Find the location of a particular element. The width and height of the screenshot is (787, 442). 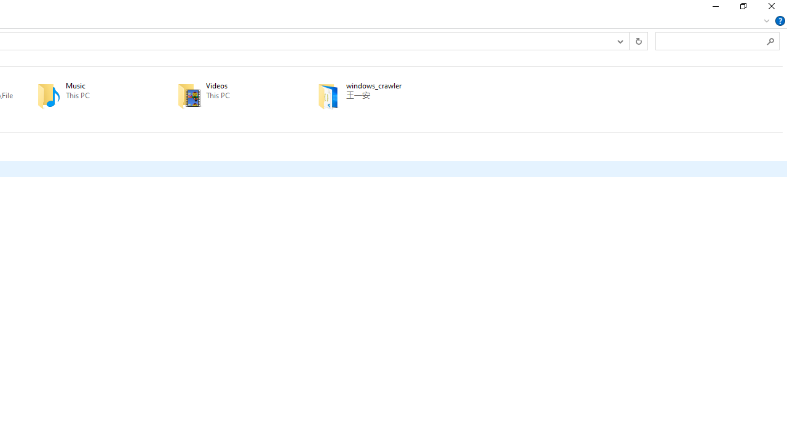

'Minimize' is located at coordinates (714, 9).